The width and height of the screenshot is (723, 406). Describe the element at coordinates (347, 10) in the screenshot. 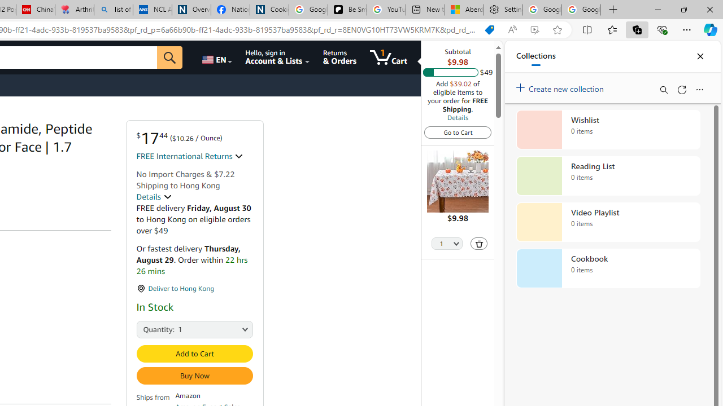

I see `'Be Smart | creating Science videos | Patreon'` at that location.